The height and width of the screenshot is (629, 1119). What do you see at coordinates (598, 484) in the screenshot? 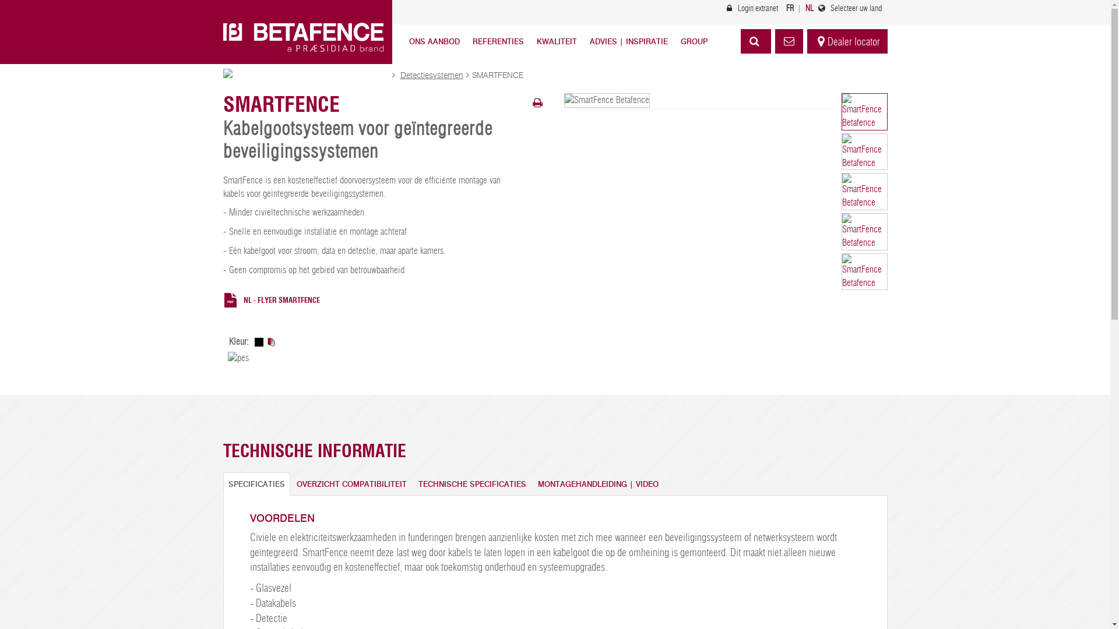
I see `'MONTAGEHANDLEIDING | VIDEO'` at bounding box center [598, 484].